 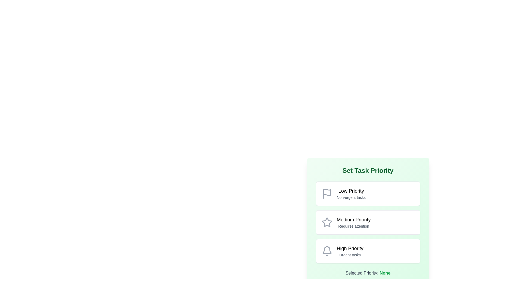 I want to click on the text label displaying 'Non-urgent tasks', which is styled in a smaller gray font and positioned beneath the 'Low Priority' label in the task priority selector interface, so click(x=351, y=198).